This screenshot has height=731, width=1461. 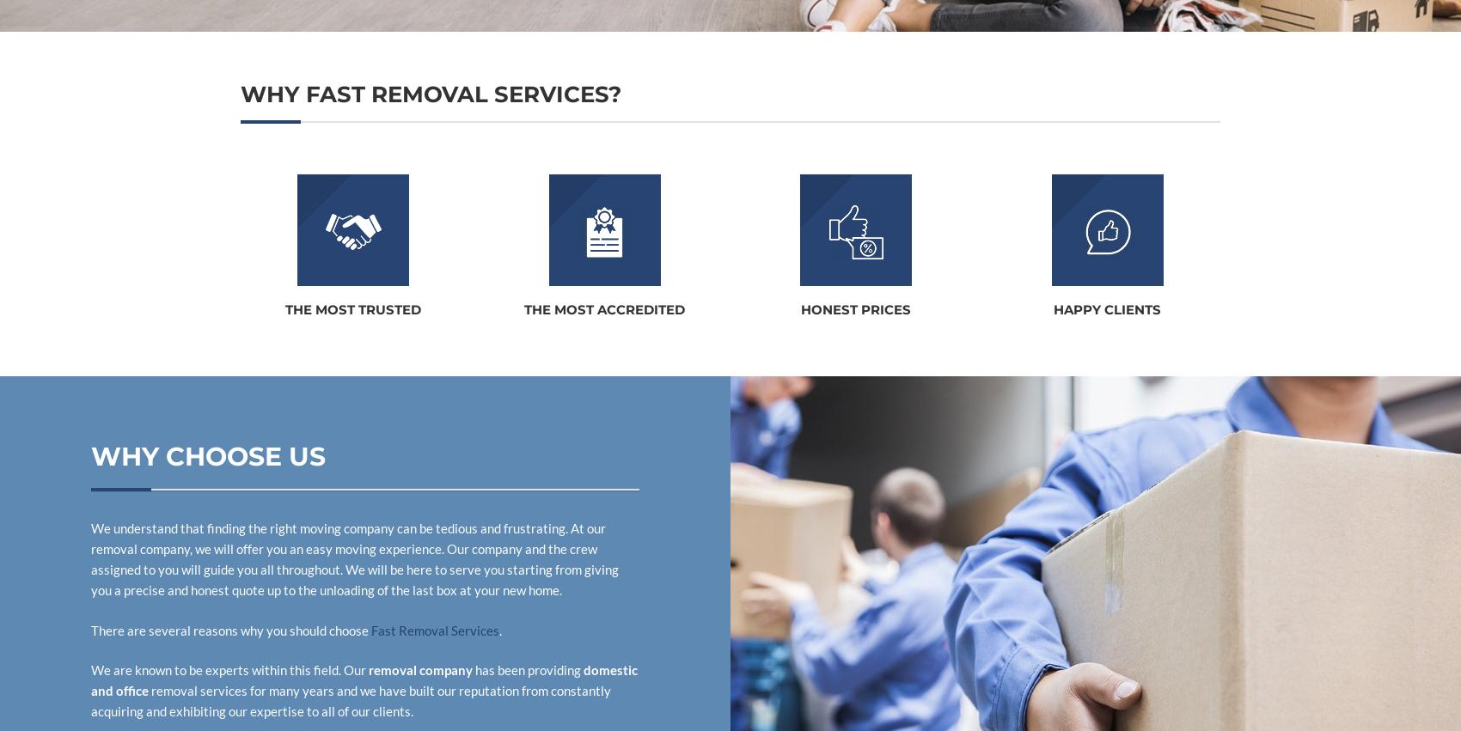 I want to click on 'WHY CHOOSE US', so click(x=208, y=456).